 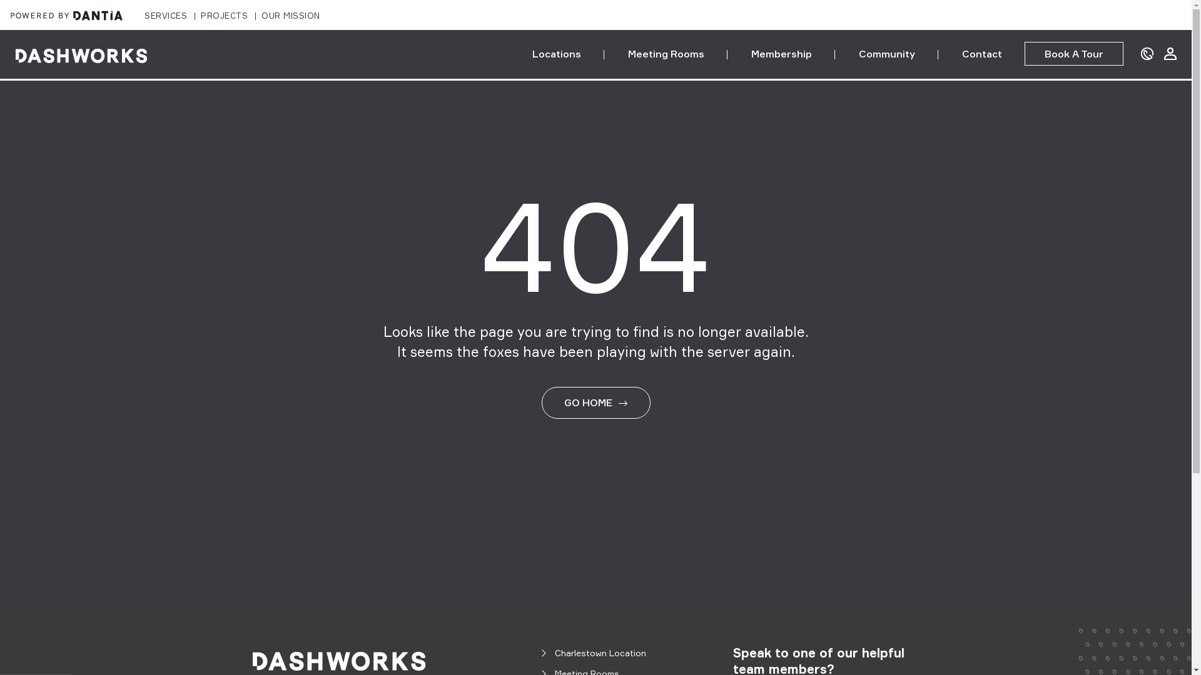 What do you see at coordinates (751, 52) in the screenshot?
I see `'Membership'` at bounding box center [751, 52].